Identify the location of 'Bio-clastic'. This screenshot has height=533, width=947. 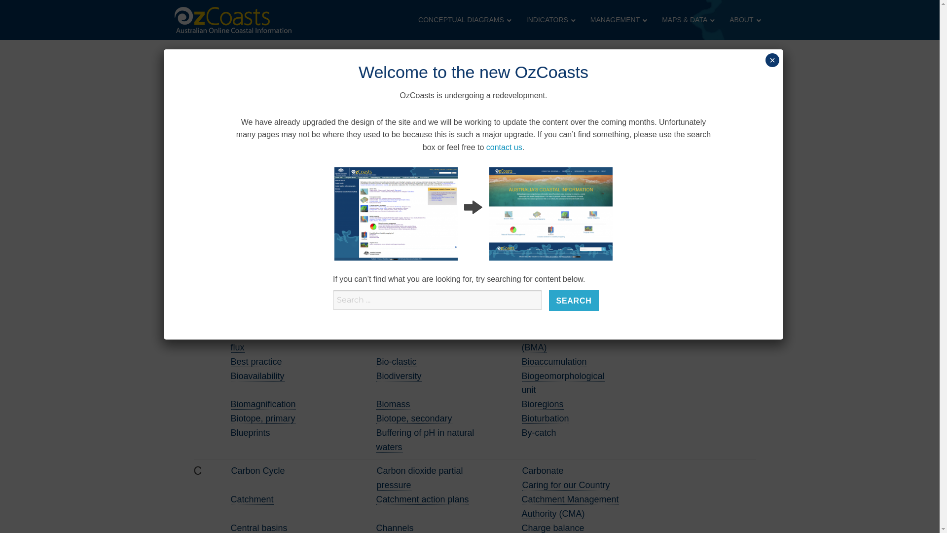
(396, 362).